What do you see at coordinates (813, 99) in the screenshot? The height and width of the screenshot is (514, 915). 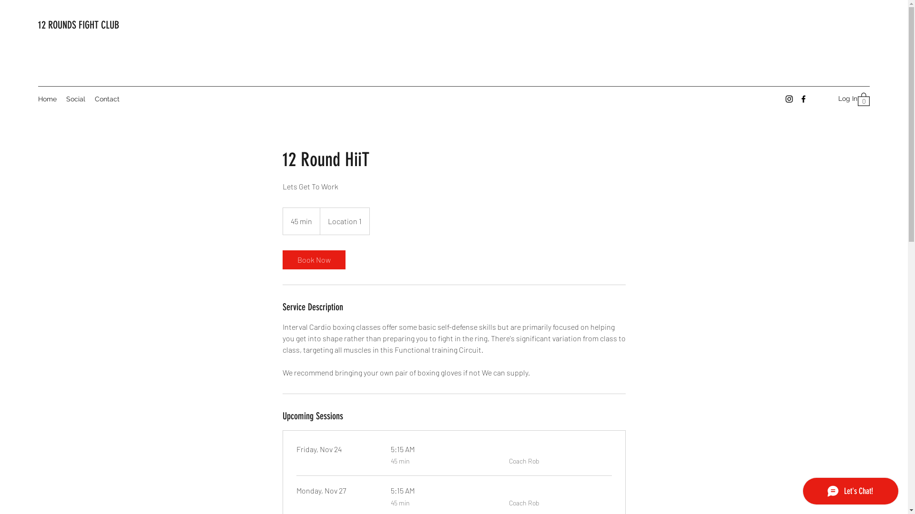 I see `'Log In'` at bounding box center [813, 99].